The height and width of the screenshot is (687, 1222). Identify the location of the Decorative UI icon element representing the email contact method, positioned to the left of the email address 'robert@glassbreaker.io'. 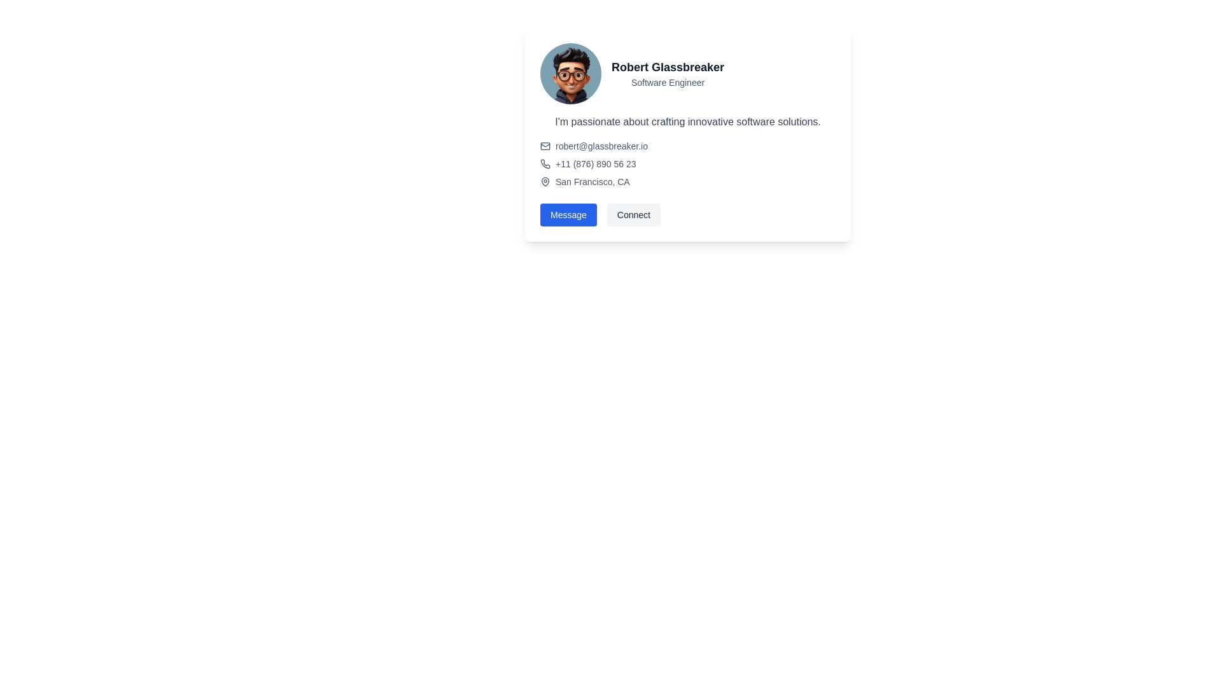
(545, 146).